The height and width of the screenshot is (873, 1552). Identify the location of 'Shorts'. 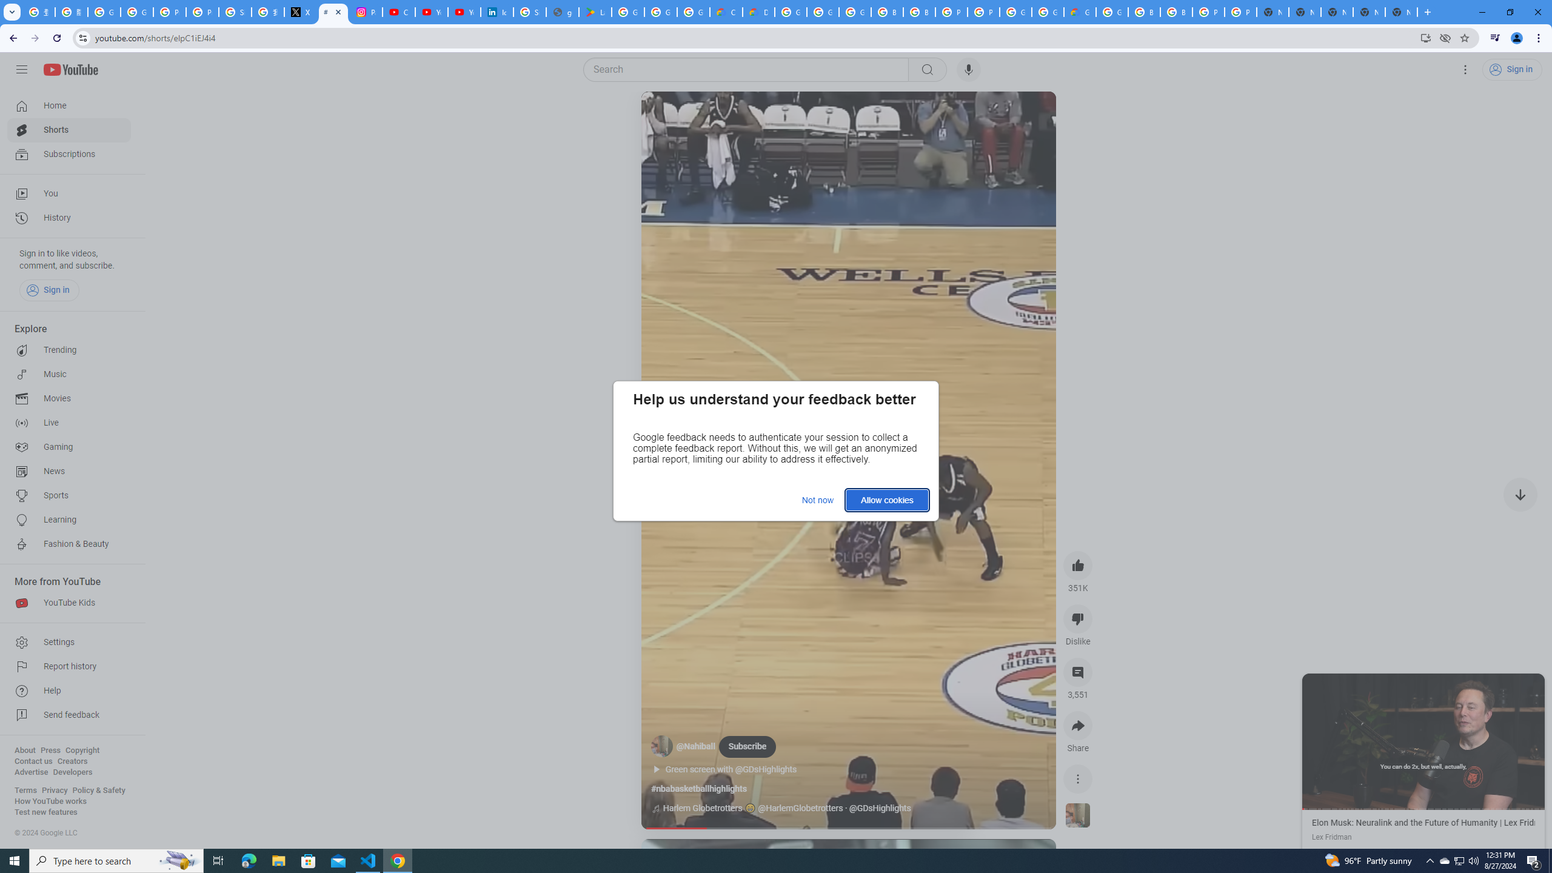
(69, 130).